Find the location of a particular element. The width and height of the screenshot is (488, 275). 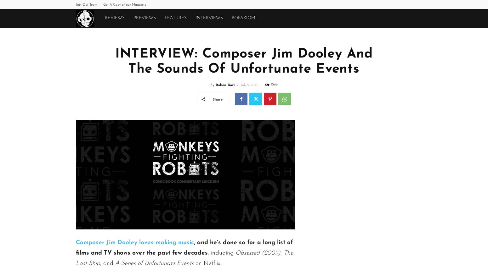

', including' is located at coordinates (222, 253).